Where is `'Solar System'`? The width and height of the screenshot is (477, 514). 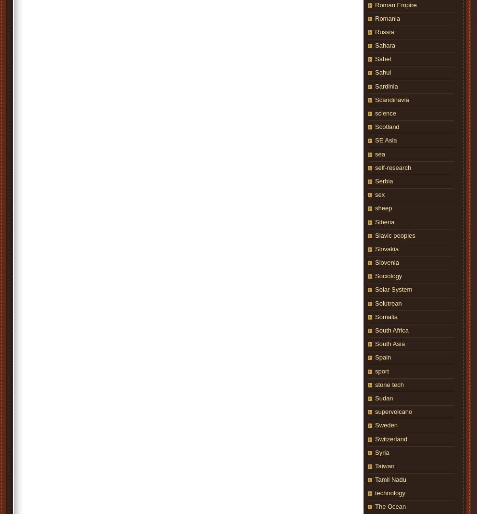 'Solar System' is located at coordinates (393, 289).